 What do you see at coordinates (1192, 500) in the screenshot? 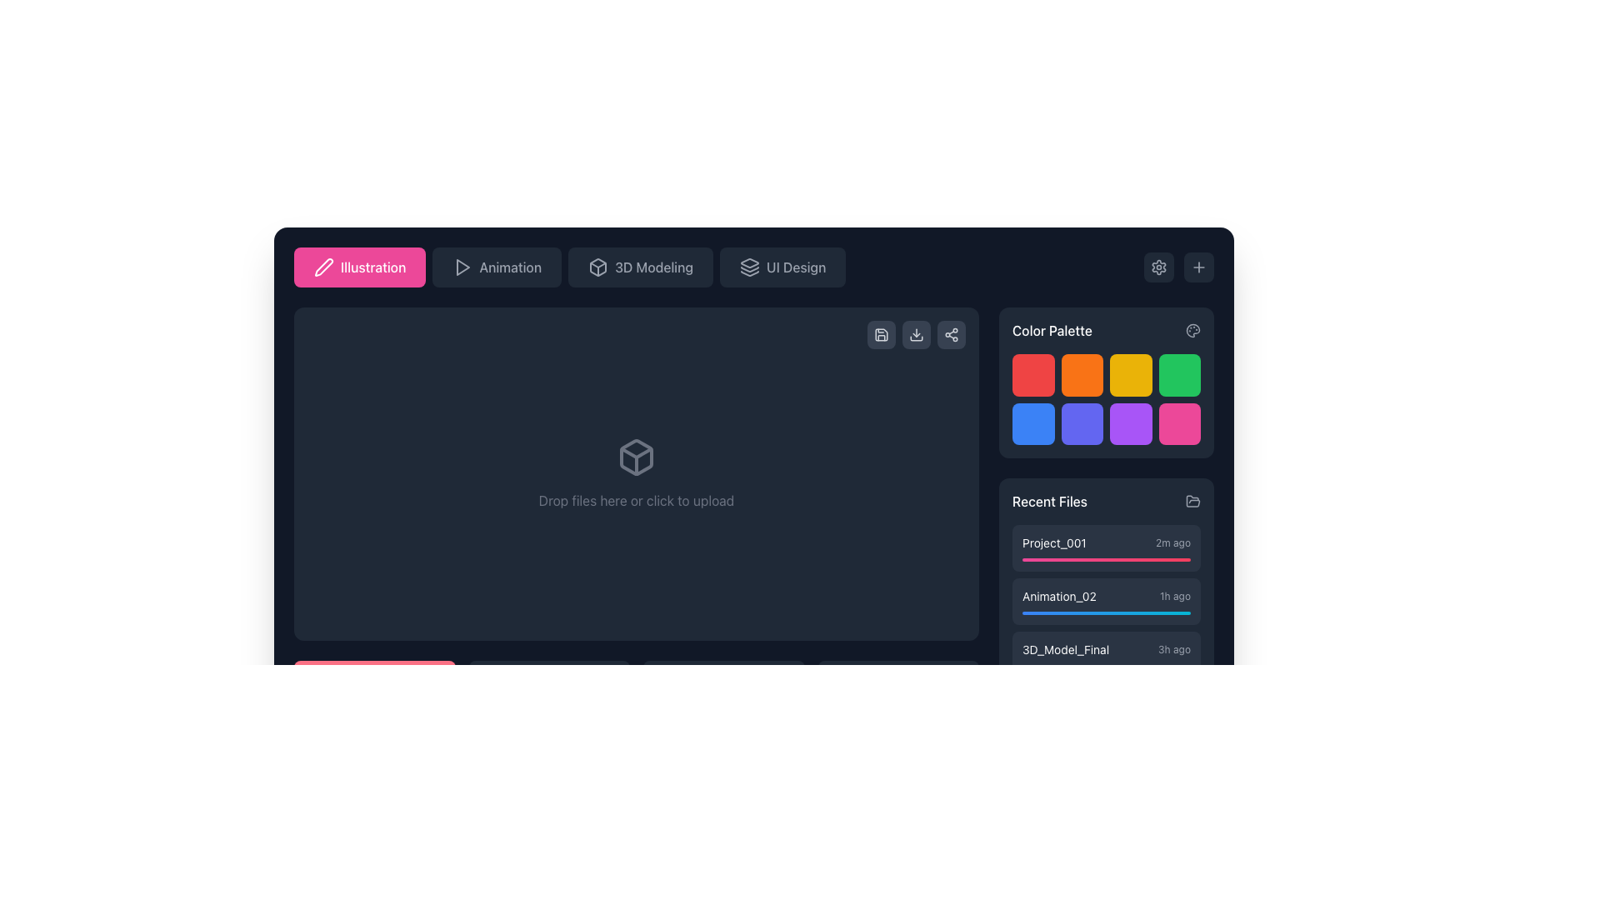
I see `the open folder icon located in the top-right section of the interface, which is styled gray and transitions to white when hovered over` at bounding box center [1192, 500].